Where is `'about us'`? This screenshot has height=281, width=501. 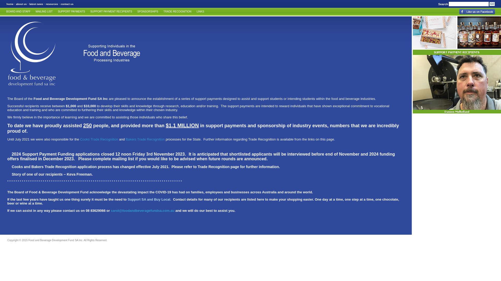 'about us' is located at coordinates (15, 4).